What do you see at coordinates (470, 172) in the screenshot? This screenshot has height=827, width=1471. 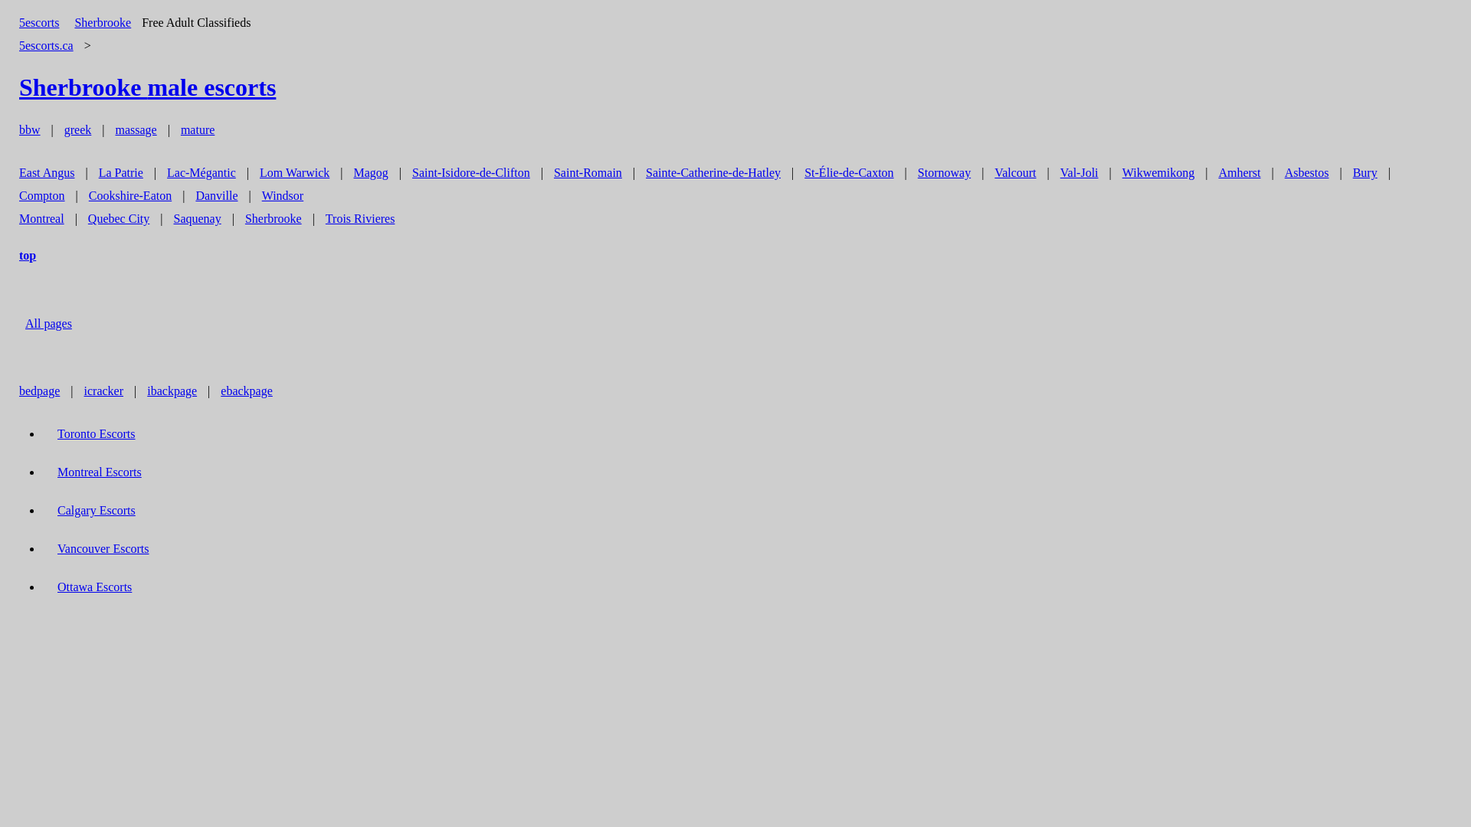 I see `'Saint-Isidore-de-Clifton'` at bounding box center [470, 172].